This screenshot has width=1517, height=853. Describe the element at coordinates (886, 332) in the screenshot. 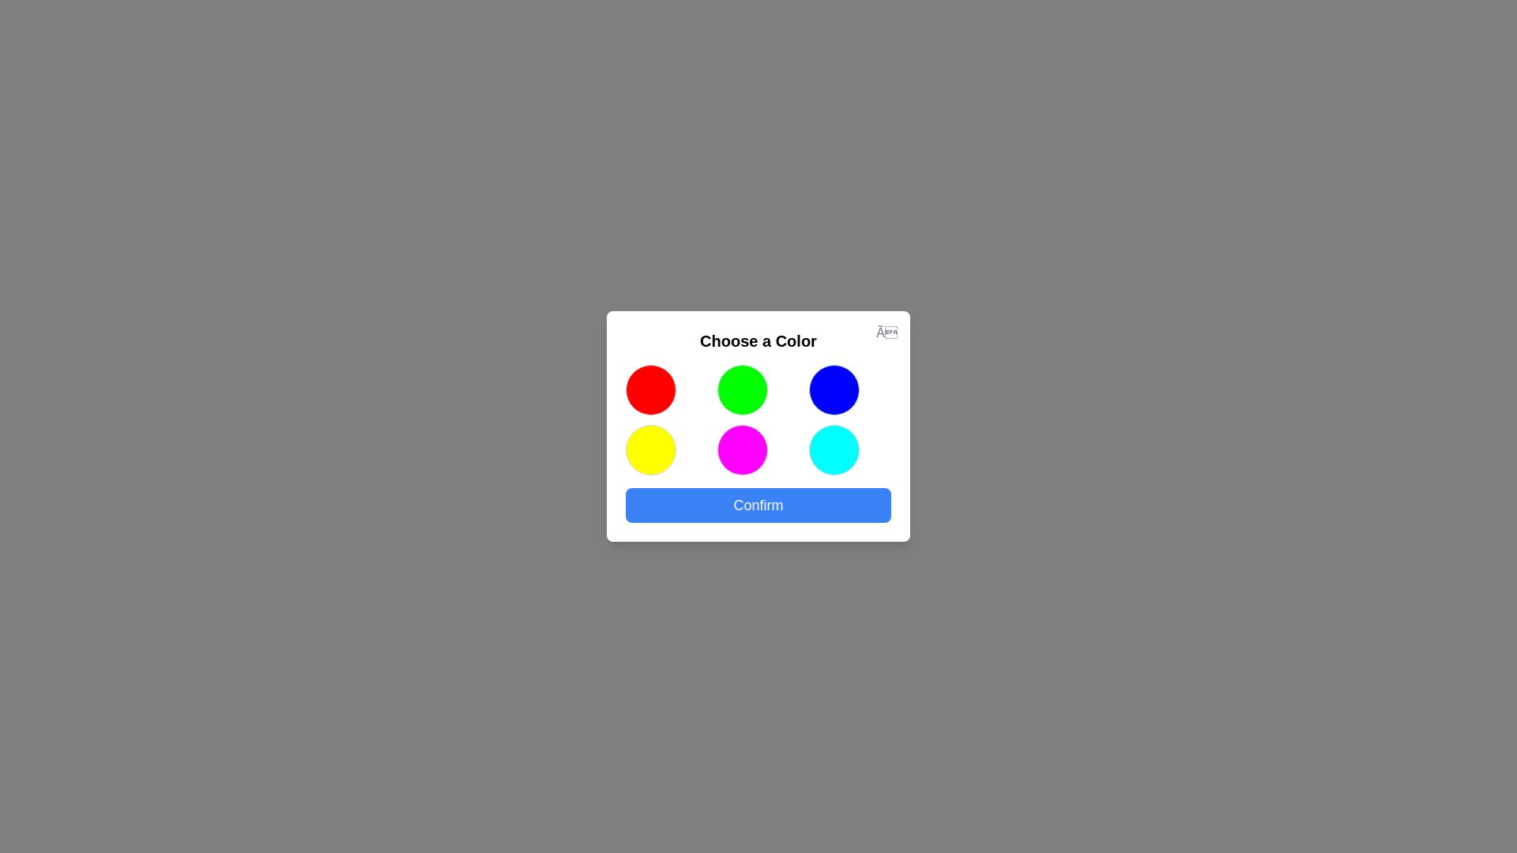

I see `the close button to close the dialog` at that location.